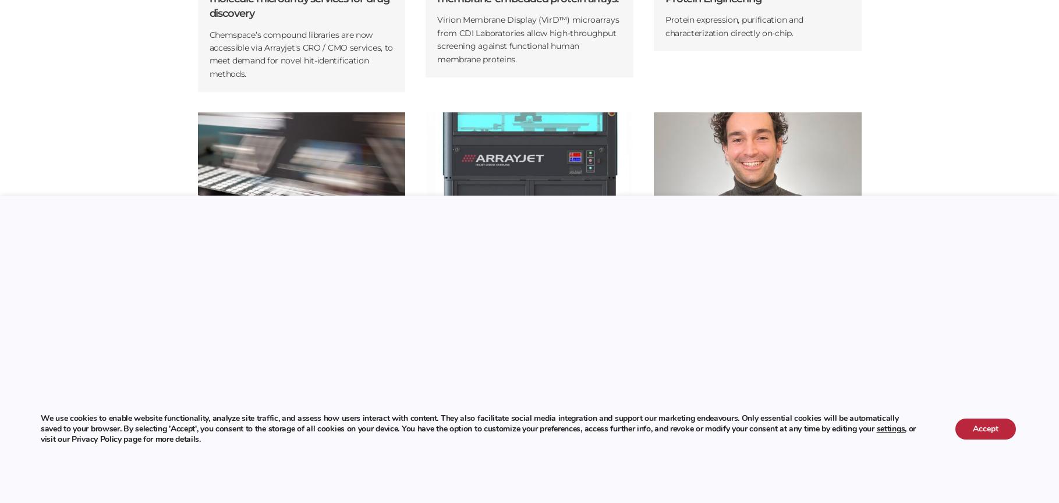  I want to click on 'settings', so click(890, 428).